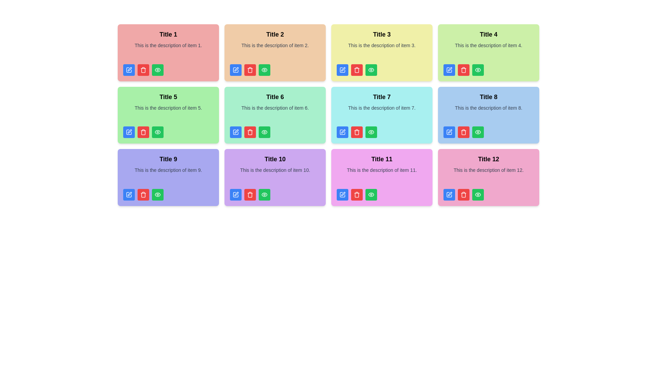 This screenshot has width=657, height=369. Describe the element at coordinates (129, 70) in the screenshot. I see `the vector graphic icon located in the leftmost button of the red-colored card labeled 'Title 1'` at that location.